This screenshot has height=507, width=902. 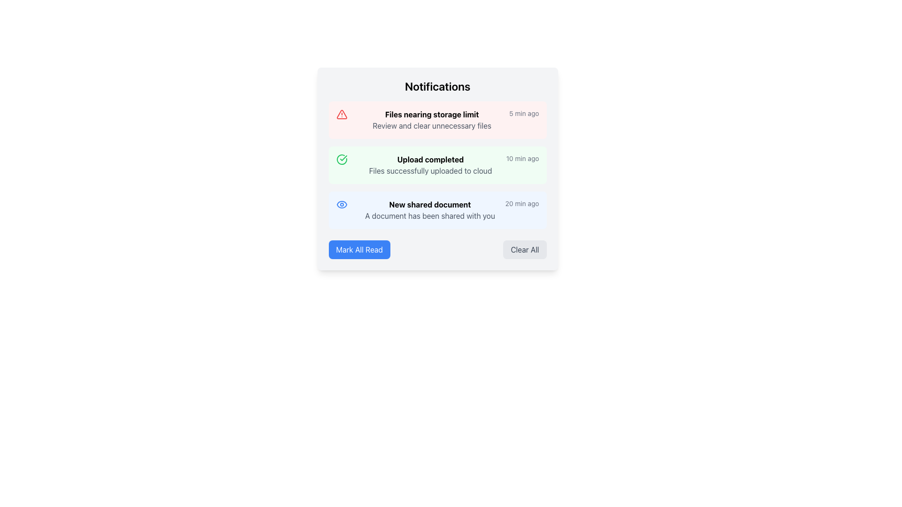 I want to click on the 'Clear All' button with a light gray background and dark gray text, so click(x=524, y=249).